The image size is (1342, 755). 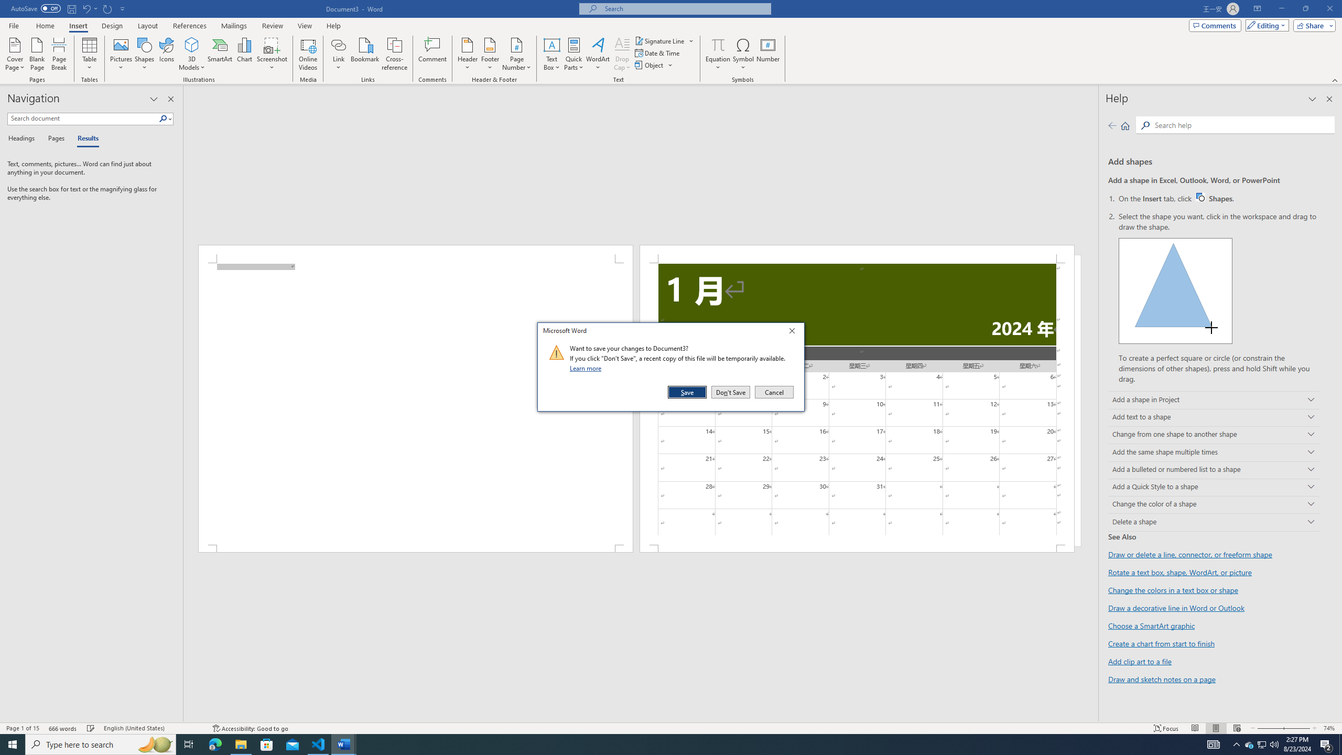 What do you see at coordinates (1237, 743) in the screenshot?
I see `'Notification Chevron'` at bounding box center [1237, 743].